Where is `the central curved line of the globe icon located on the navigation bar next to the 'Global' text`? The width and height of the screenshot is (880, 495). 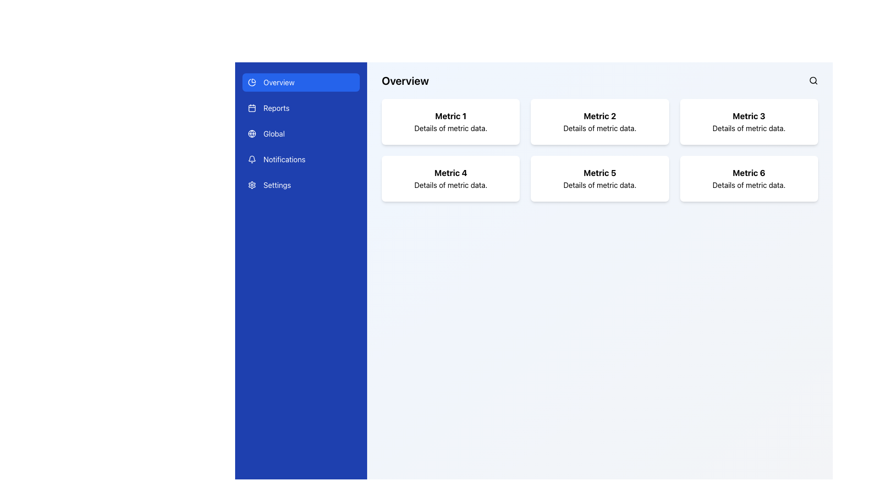 the central curved line of the globe icon located on the navigation bar next to the 'Global' text is located at coordinates (252, 134).